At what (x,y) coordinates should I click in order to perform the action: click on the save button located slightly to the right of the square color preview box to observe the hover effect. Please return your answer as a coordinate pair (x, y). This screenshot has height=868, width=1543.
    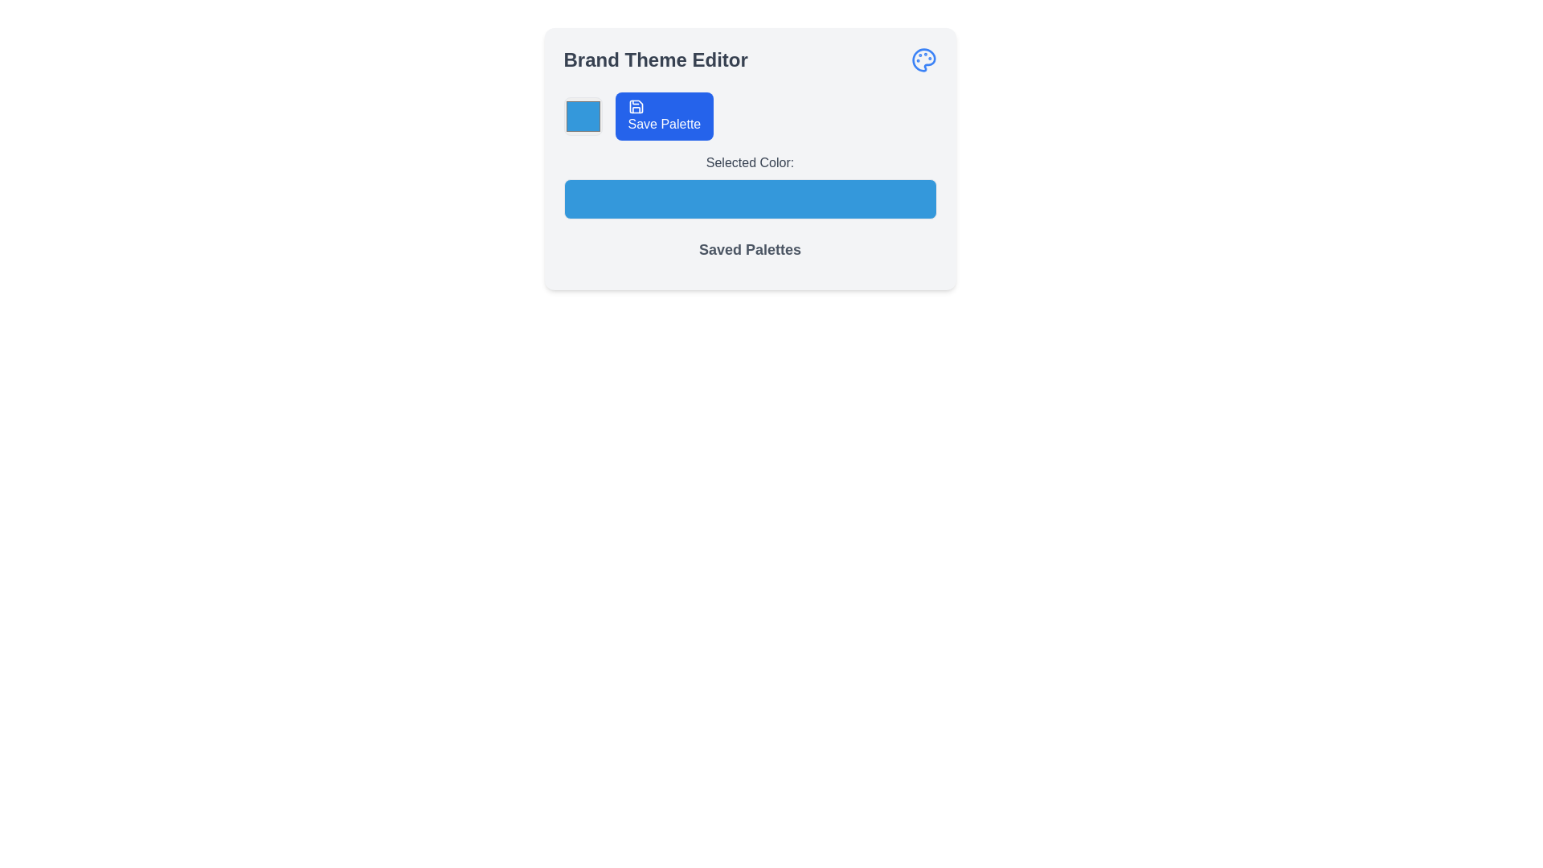
    Looking at the image, I should click on (664, 116).